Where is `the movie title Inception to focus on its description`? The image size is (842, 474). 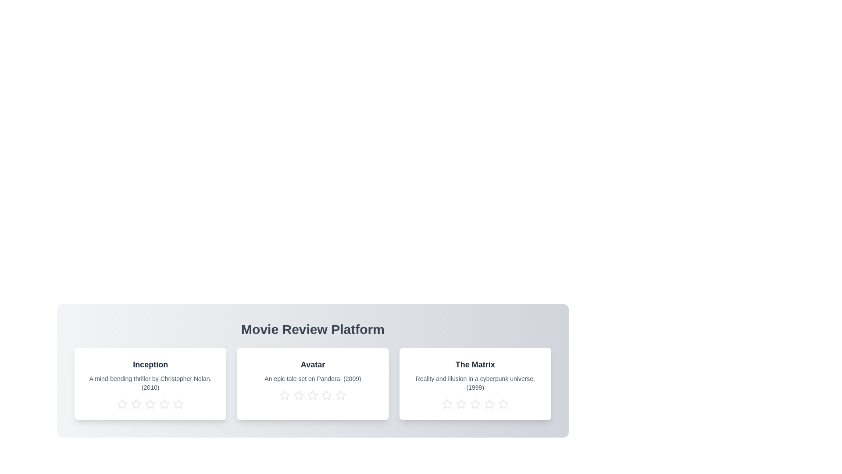
the movie title Inception to focus on its description is located at coordinates (150, 364).